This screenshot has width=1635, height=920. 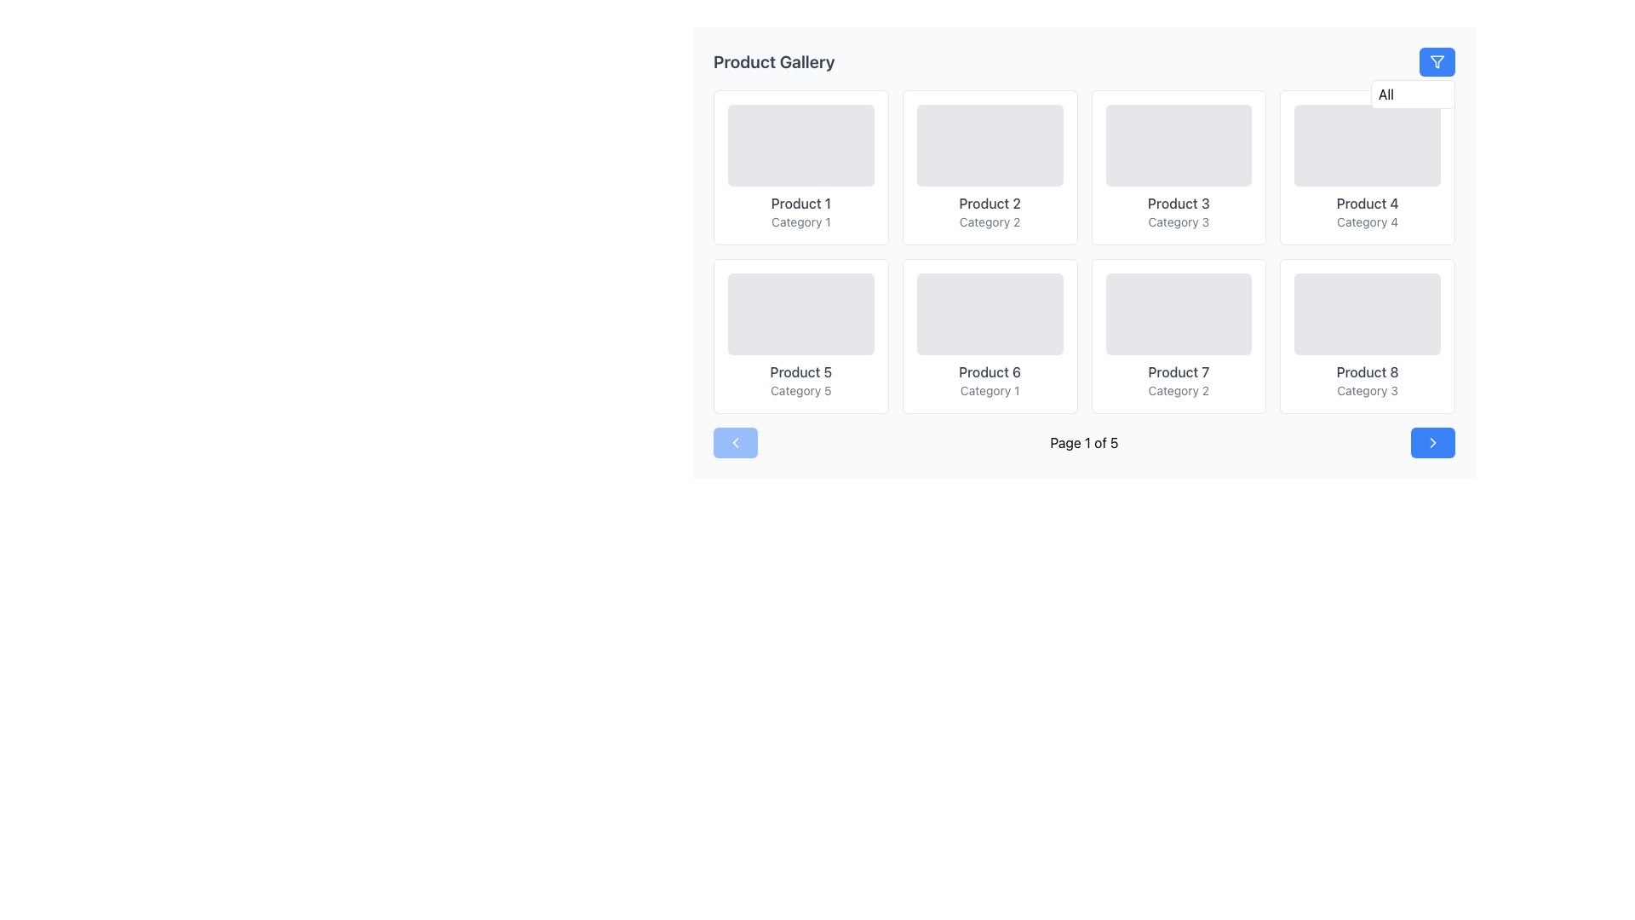 What do you see at coordinates (1432, 442) in the screenshot?
I see `the blue rounded button with a chevron-right icon` at bounding box center [1432, 442].